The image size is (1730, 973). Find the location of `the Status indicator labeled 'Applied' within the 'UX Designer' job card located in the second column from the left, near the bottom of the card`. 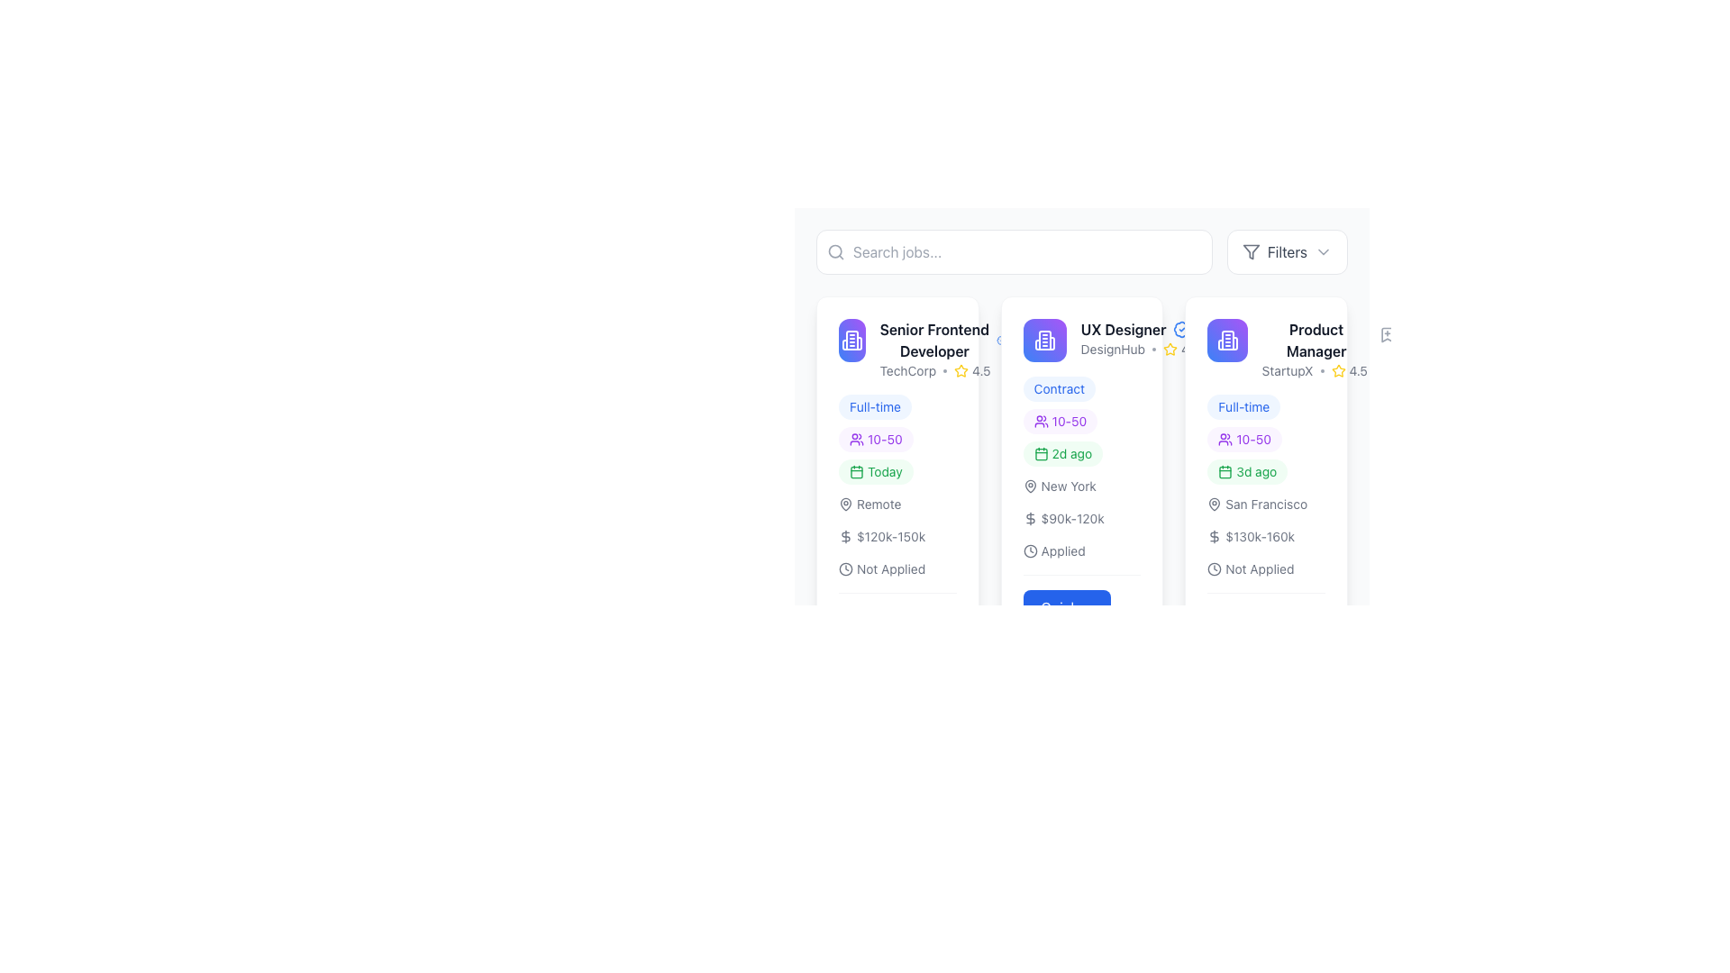

the Status indicator labeled 'Applied' within the 'UX Designer' job card located in the second column from the left, near the bottom of the card is located at coordinates (1054, 550).